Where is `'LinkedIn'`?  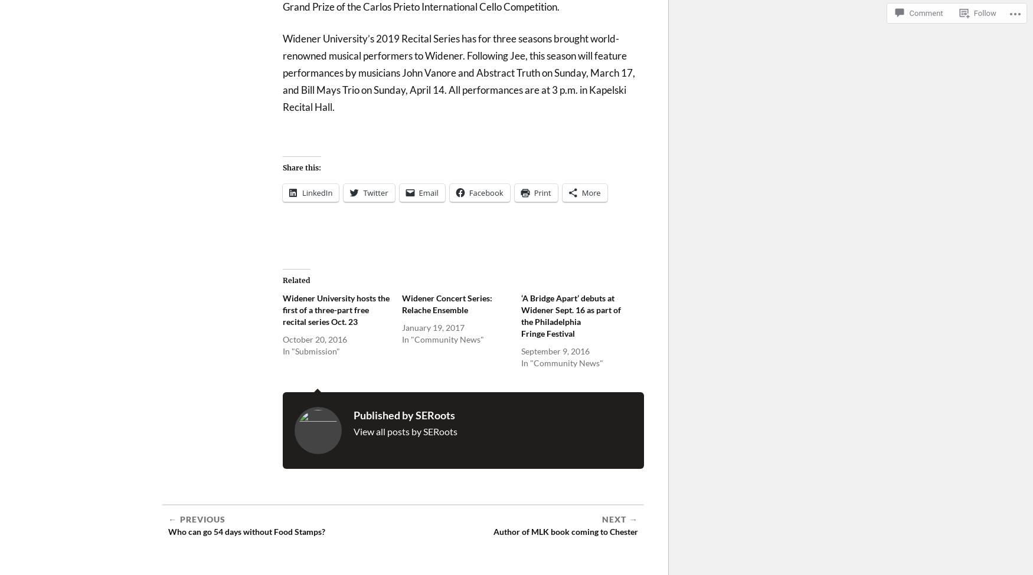 'LinkedIn' is located at coordinates (316, 192).